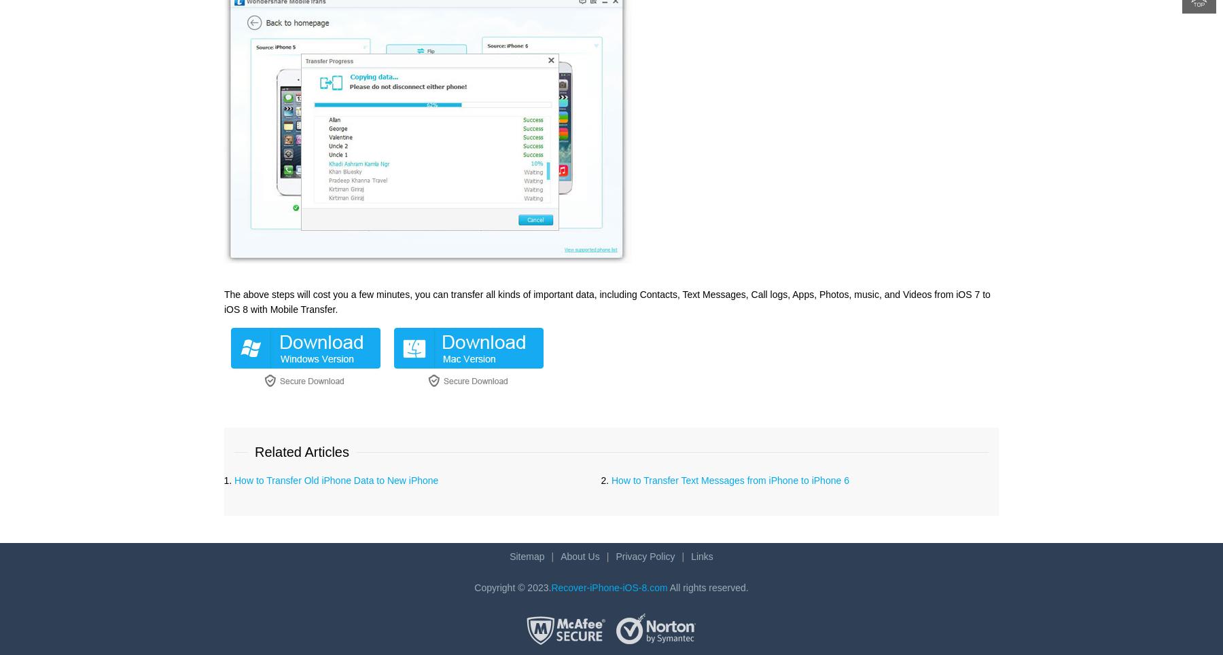 This screenshot has height=655, width=1223. I want to click on 'About Us', so click(560, 555).